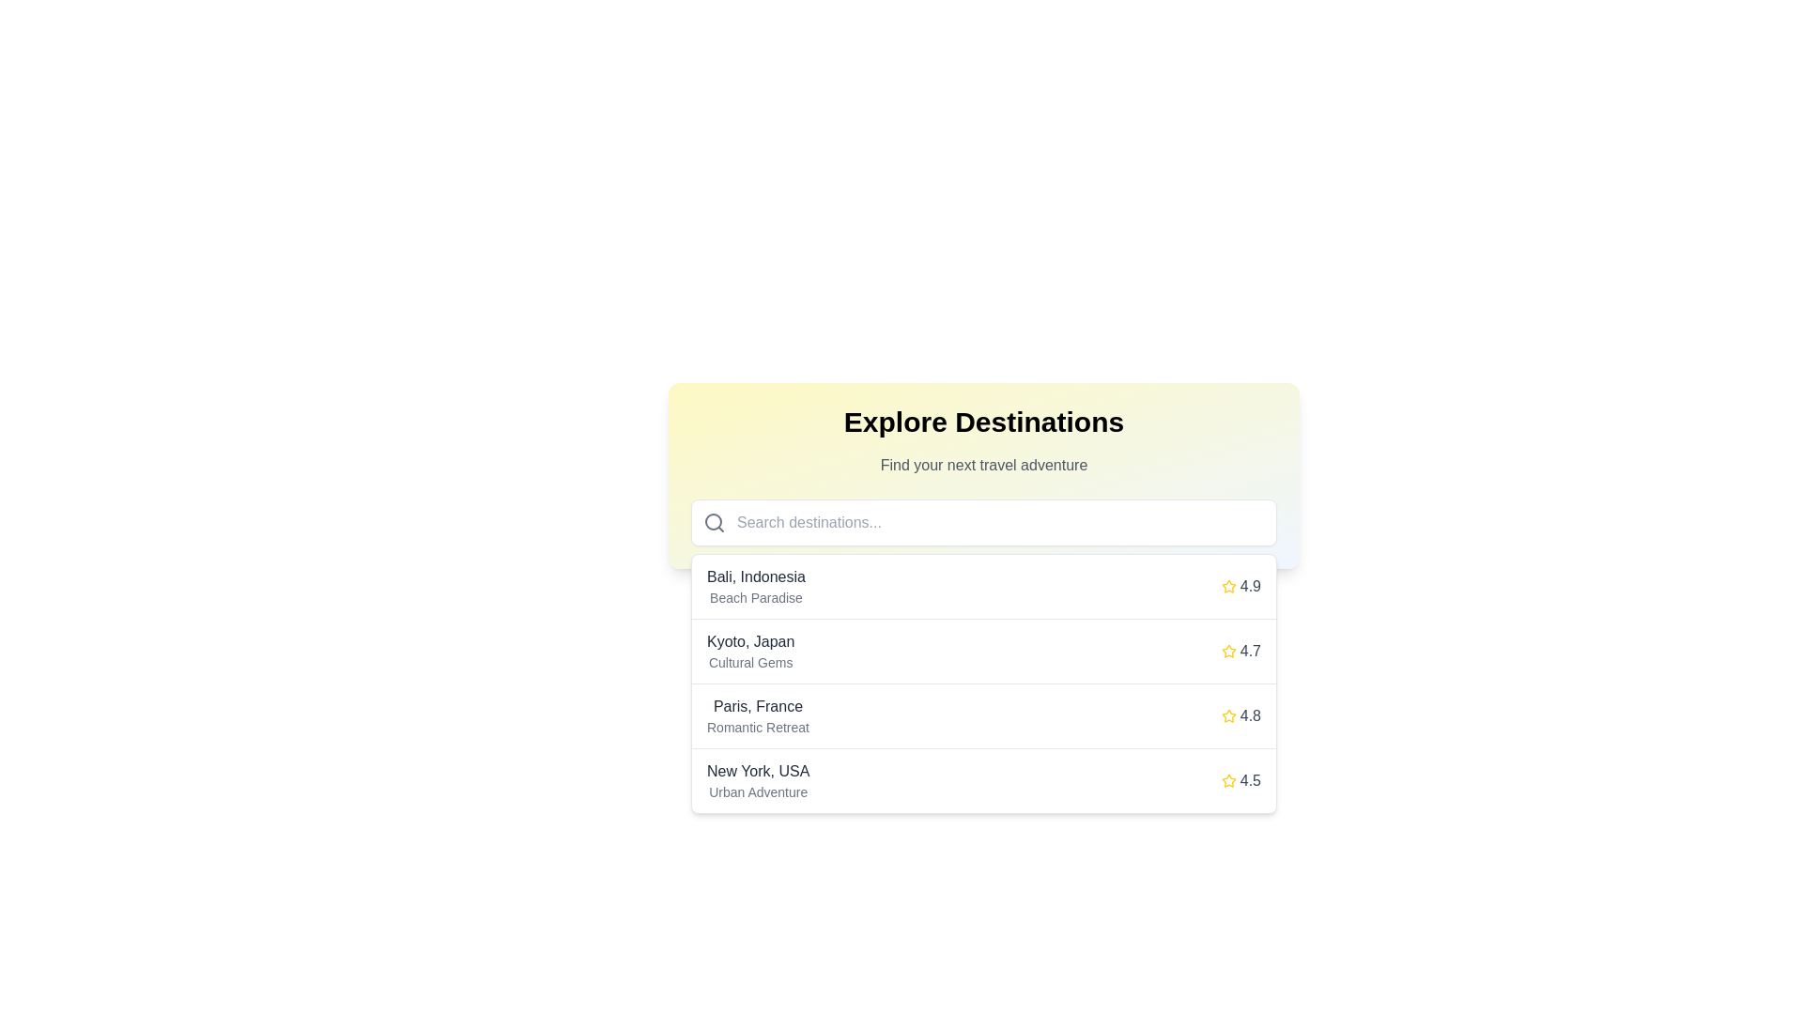  Describe the element at coordinates (1250, 585) in the screenshot. I see `rating score text displayed next to the yellow star icon for the first list item under the Bali, Indonesia entry in the 'Explore Destinations' interface` at that location.